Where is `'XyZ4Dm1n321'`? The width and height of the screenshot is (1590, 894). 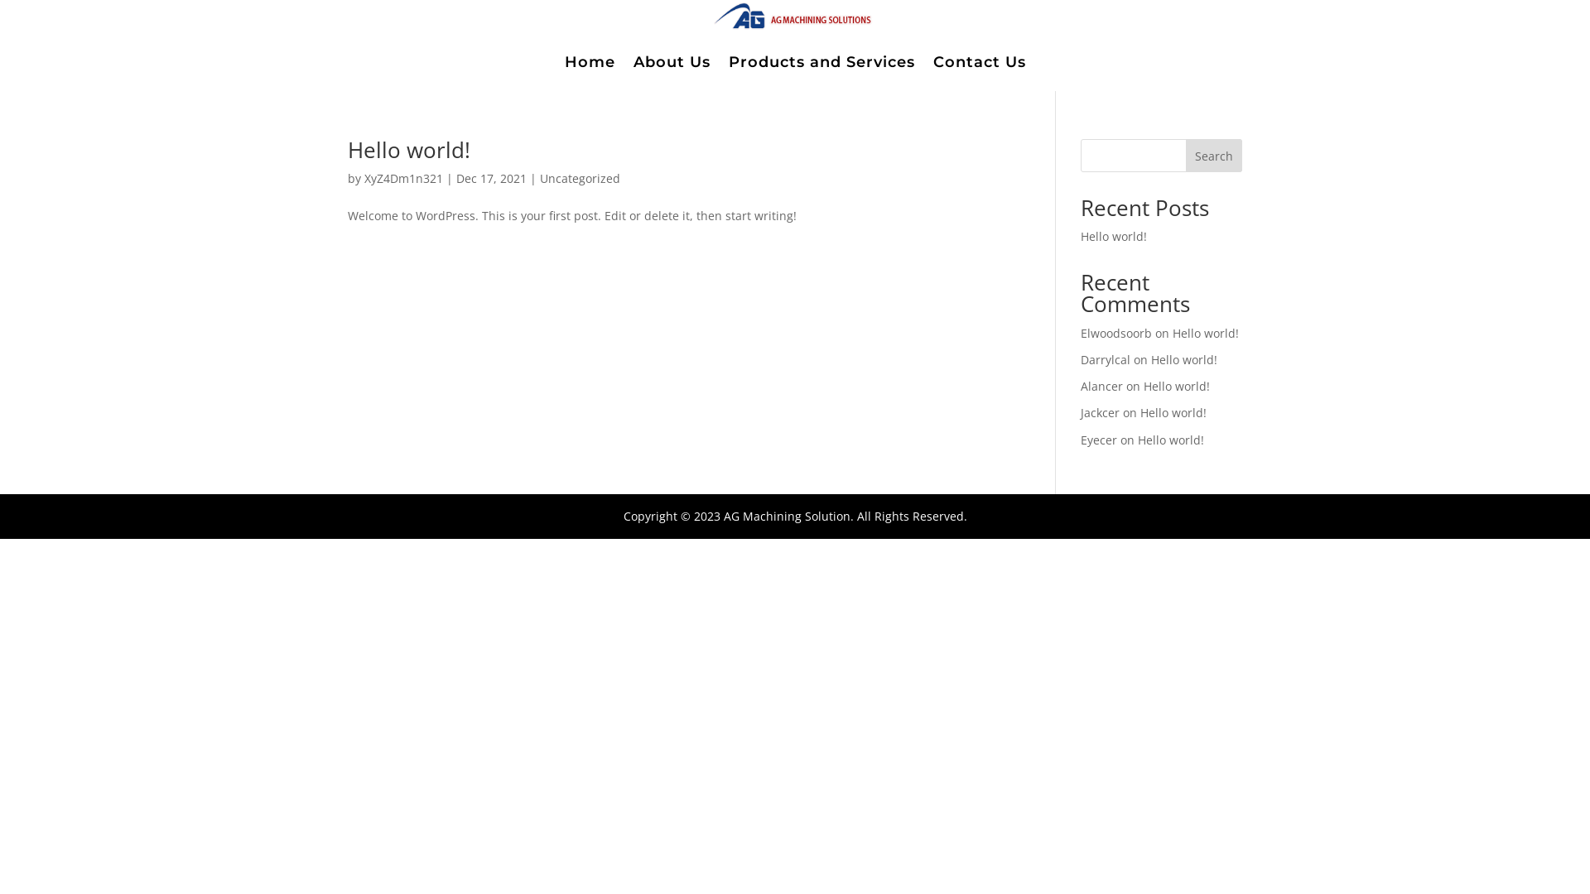
'XyZ4Dm1n321' is located at coordinates (403, 178).